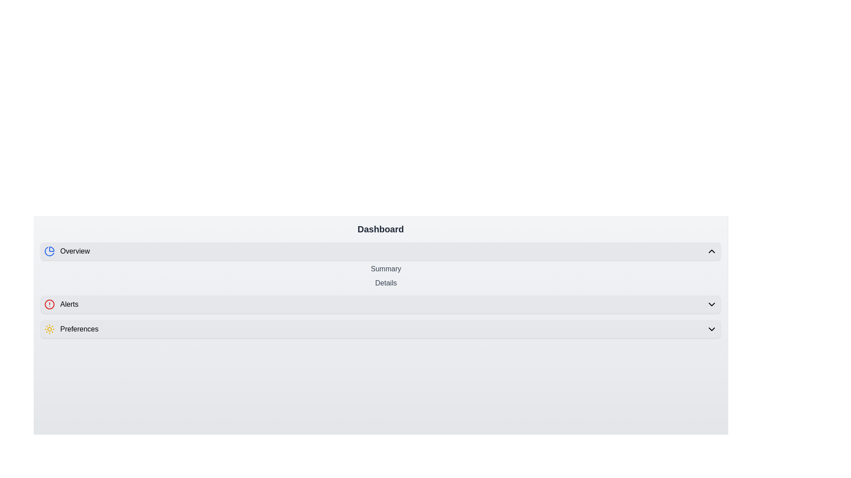  I want to click on the 'Preferences' text label located in the 'Dashboard' interface under the 'Alerts' section, so click(79, 329).